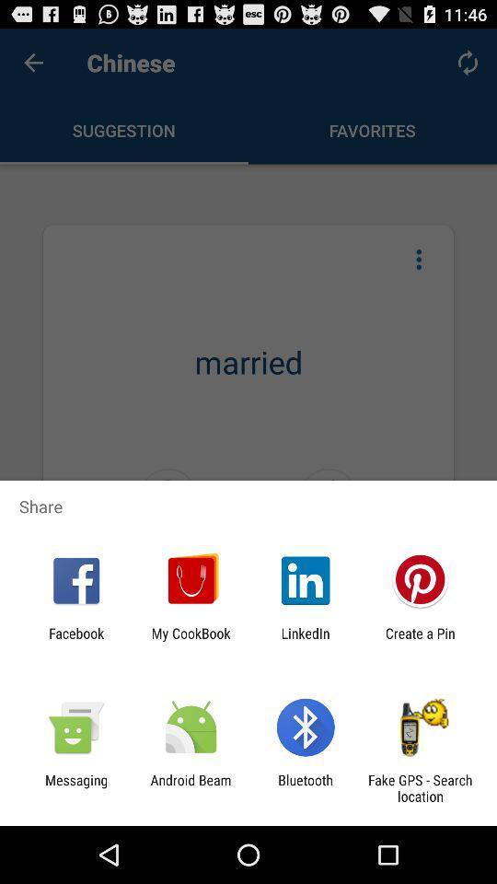 The width and height of the screenshot is (497, 884). Describe the element at coordinates (75, 787) in the screenshot. I see `the messaging icon` at that location.